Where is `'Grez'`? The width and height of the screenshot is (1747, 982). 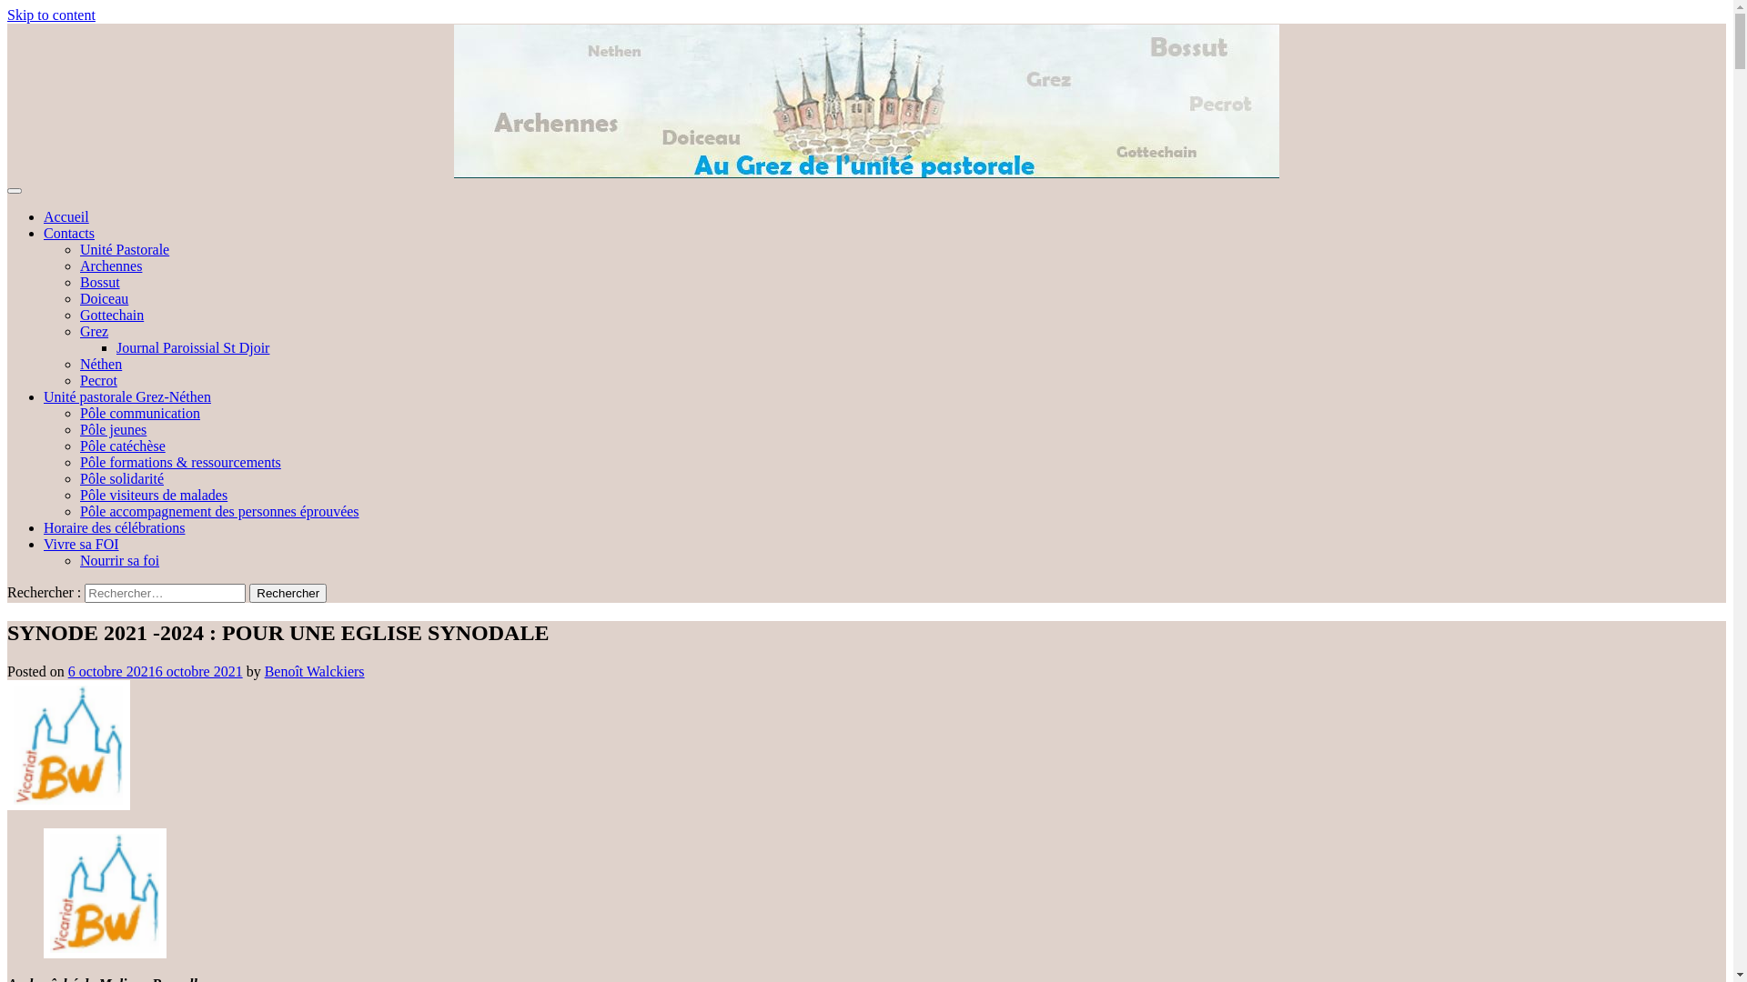 'Grez' is located at coordinates (93, 331).